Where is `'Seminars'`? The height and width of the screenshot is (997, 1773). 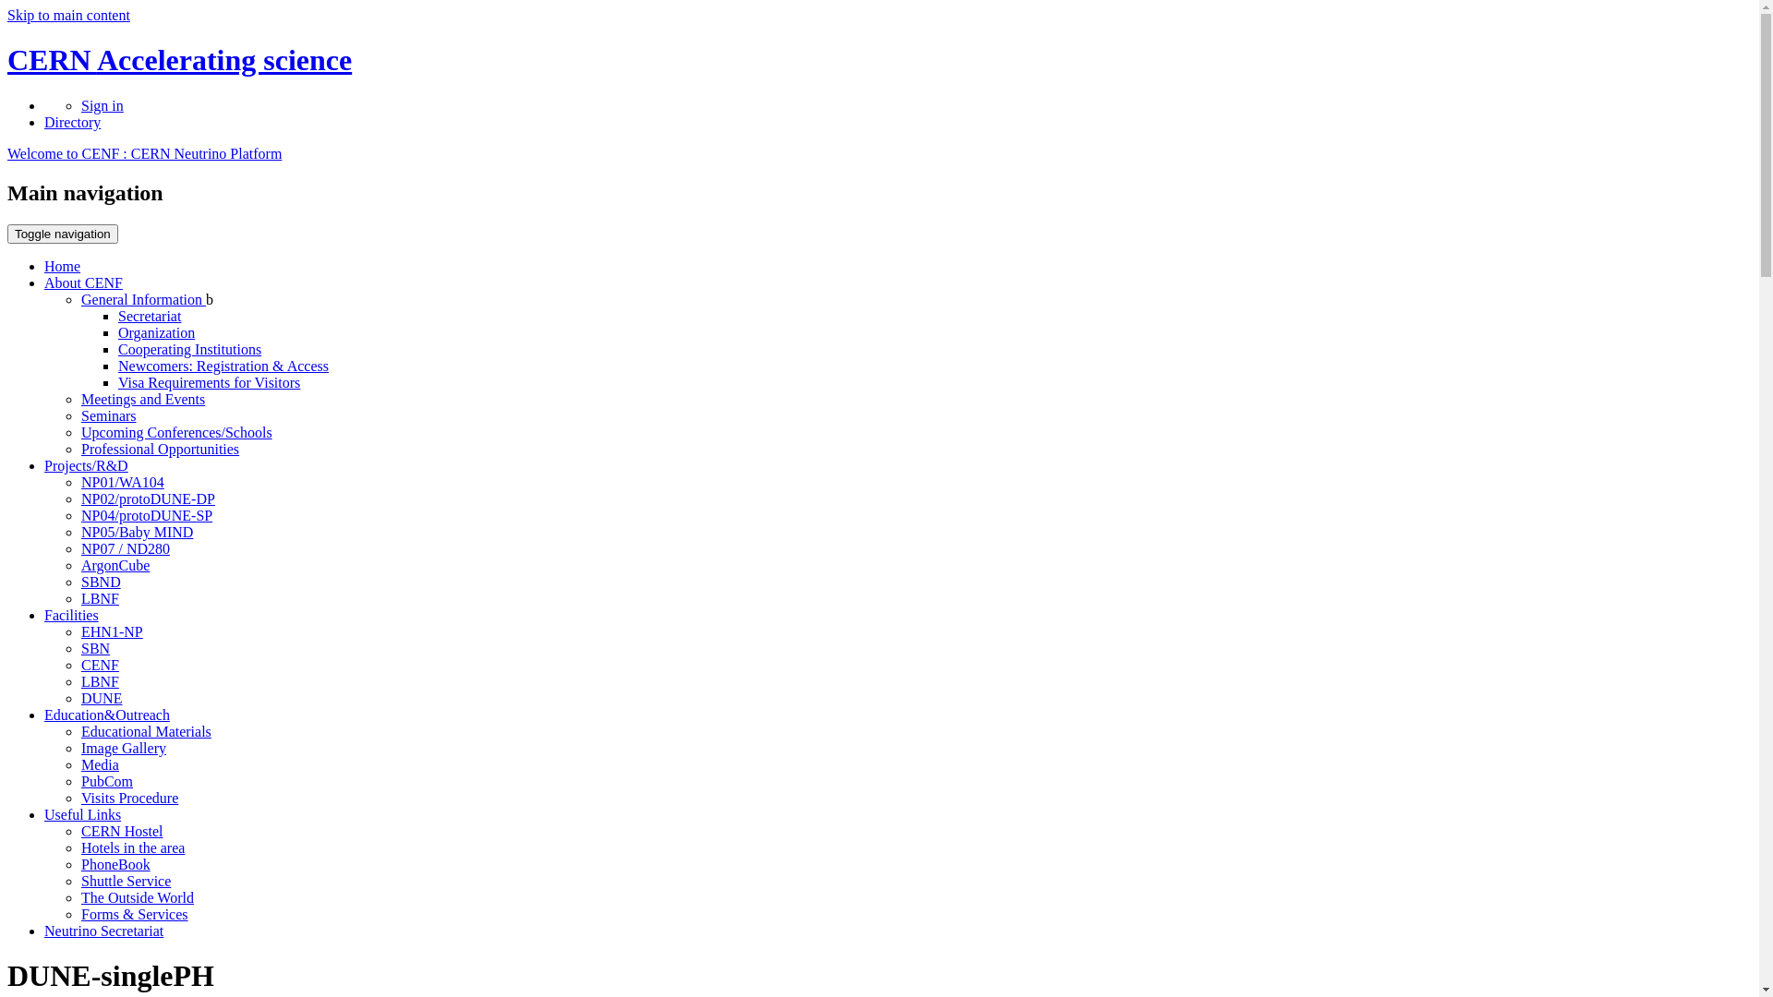 'Seminars' is located at coordinates (108, 415).